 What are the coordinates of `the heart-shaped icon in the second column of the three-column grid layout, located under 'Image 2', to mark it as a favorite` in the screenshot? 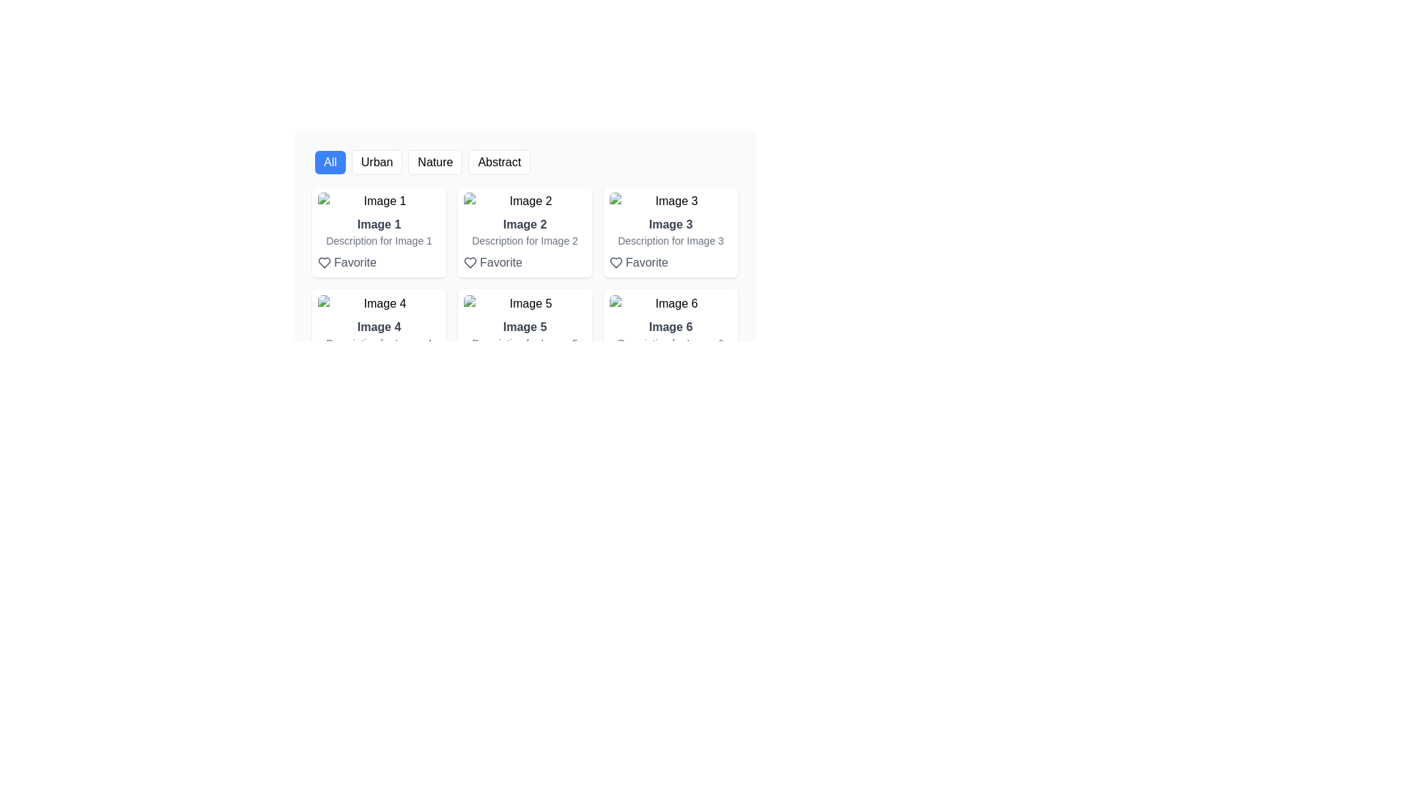 It's located at (470, 261).